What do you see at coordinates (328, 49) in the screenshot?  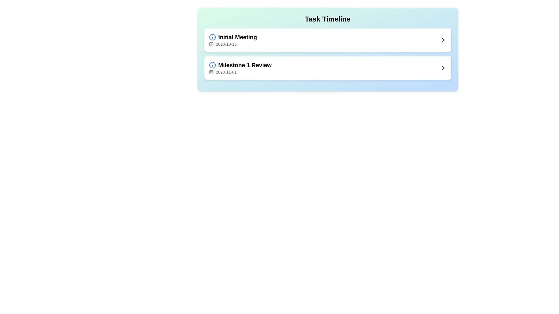 I see `the content within the central grouping box labeled 'Task Timeline', which organizes task-related milestones or events` at bounding box center [328, 49].